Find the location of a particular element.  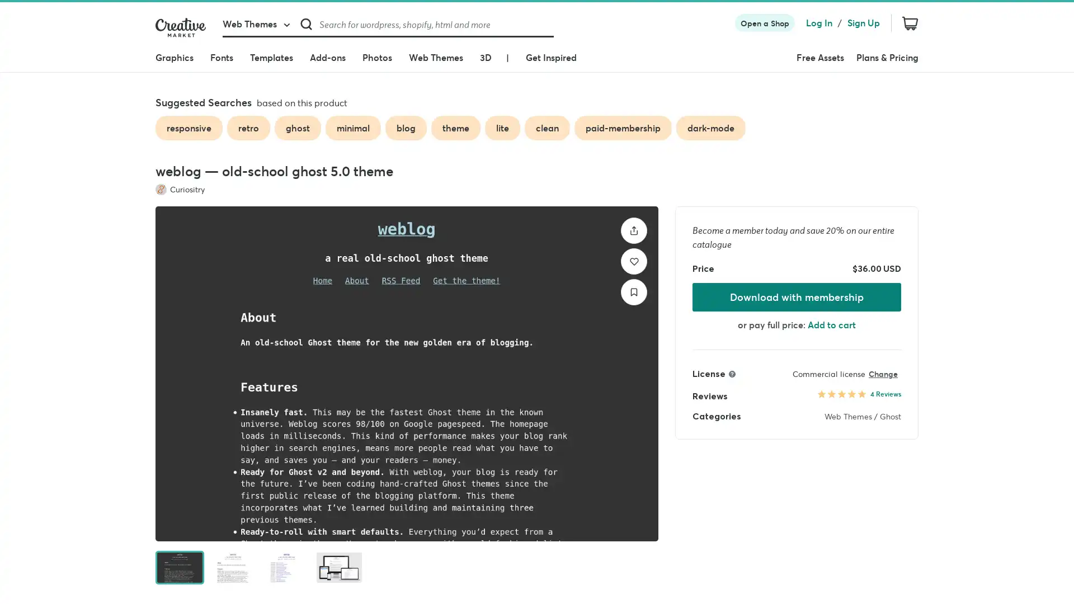

Download with membership is located at coordinates (796, 296).